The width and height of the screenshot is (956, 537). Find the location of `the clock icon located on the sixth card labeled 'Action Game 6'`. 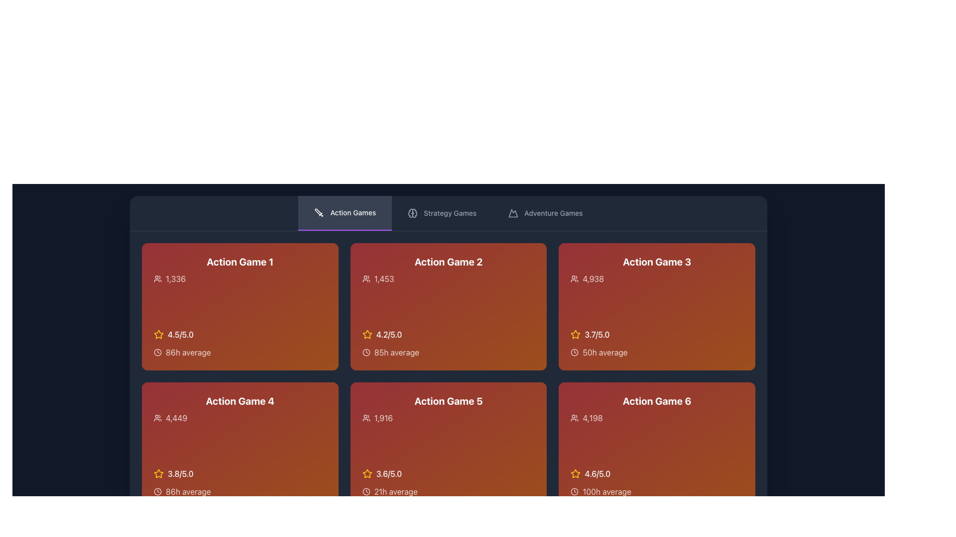

the clock icon located on the sixth card labeled 'Action Game 6' is located at coordinates (575, 491).